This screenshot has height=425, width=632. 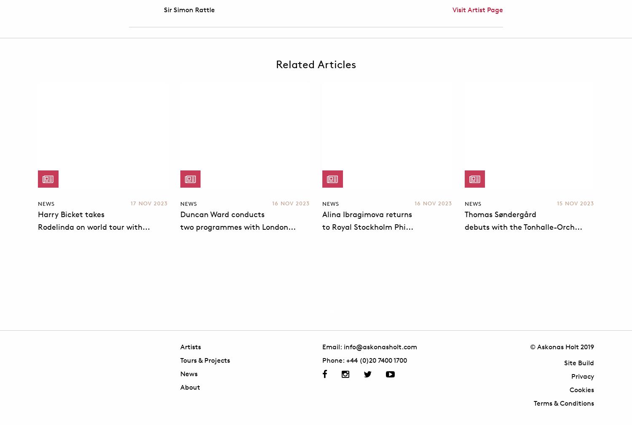 I want to click on 'Related Articles', so click(x=316, y=64).